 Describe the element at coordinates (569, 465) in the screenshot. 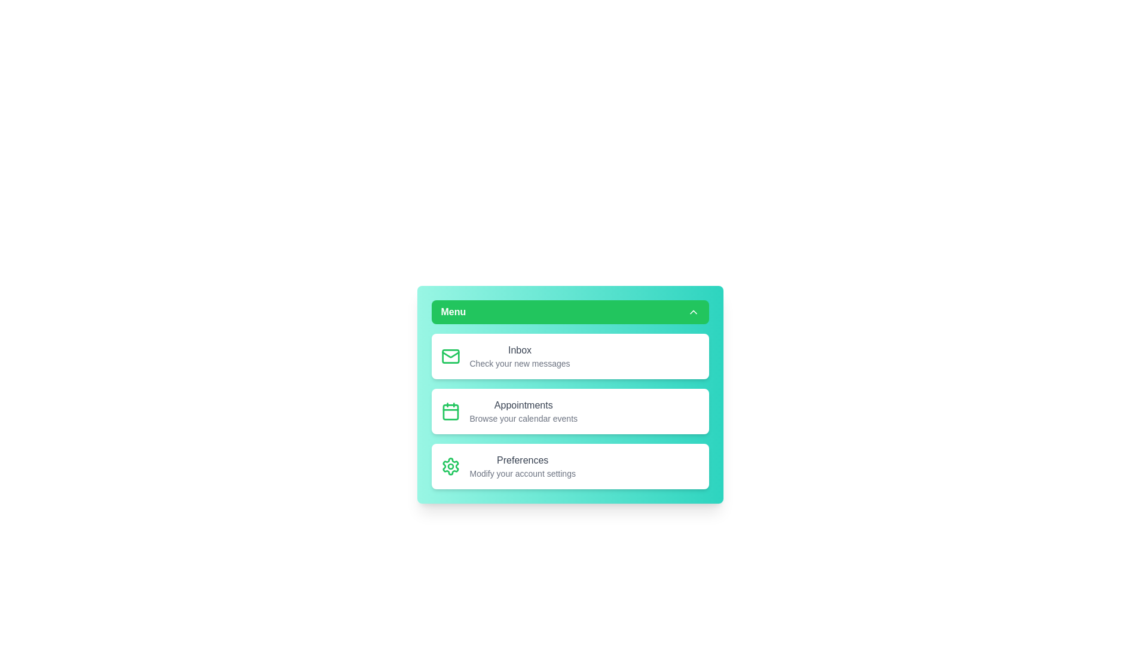

I see `the menu option Preferences to provide visual feedback` at that location.